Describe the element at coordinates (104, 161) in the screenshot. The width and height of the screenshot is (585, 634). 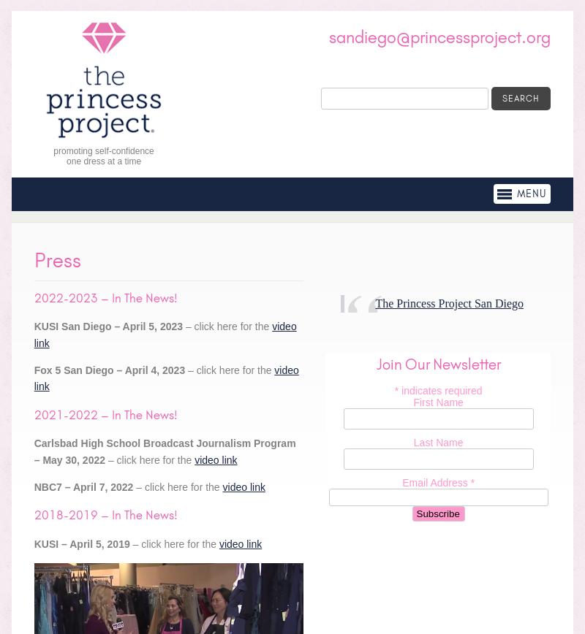
I see `'one dress at a time'` at that location.